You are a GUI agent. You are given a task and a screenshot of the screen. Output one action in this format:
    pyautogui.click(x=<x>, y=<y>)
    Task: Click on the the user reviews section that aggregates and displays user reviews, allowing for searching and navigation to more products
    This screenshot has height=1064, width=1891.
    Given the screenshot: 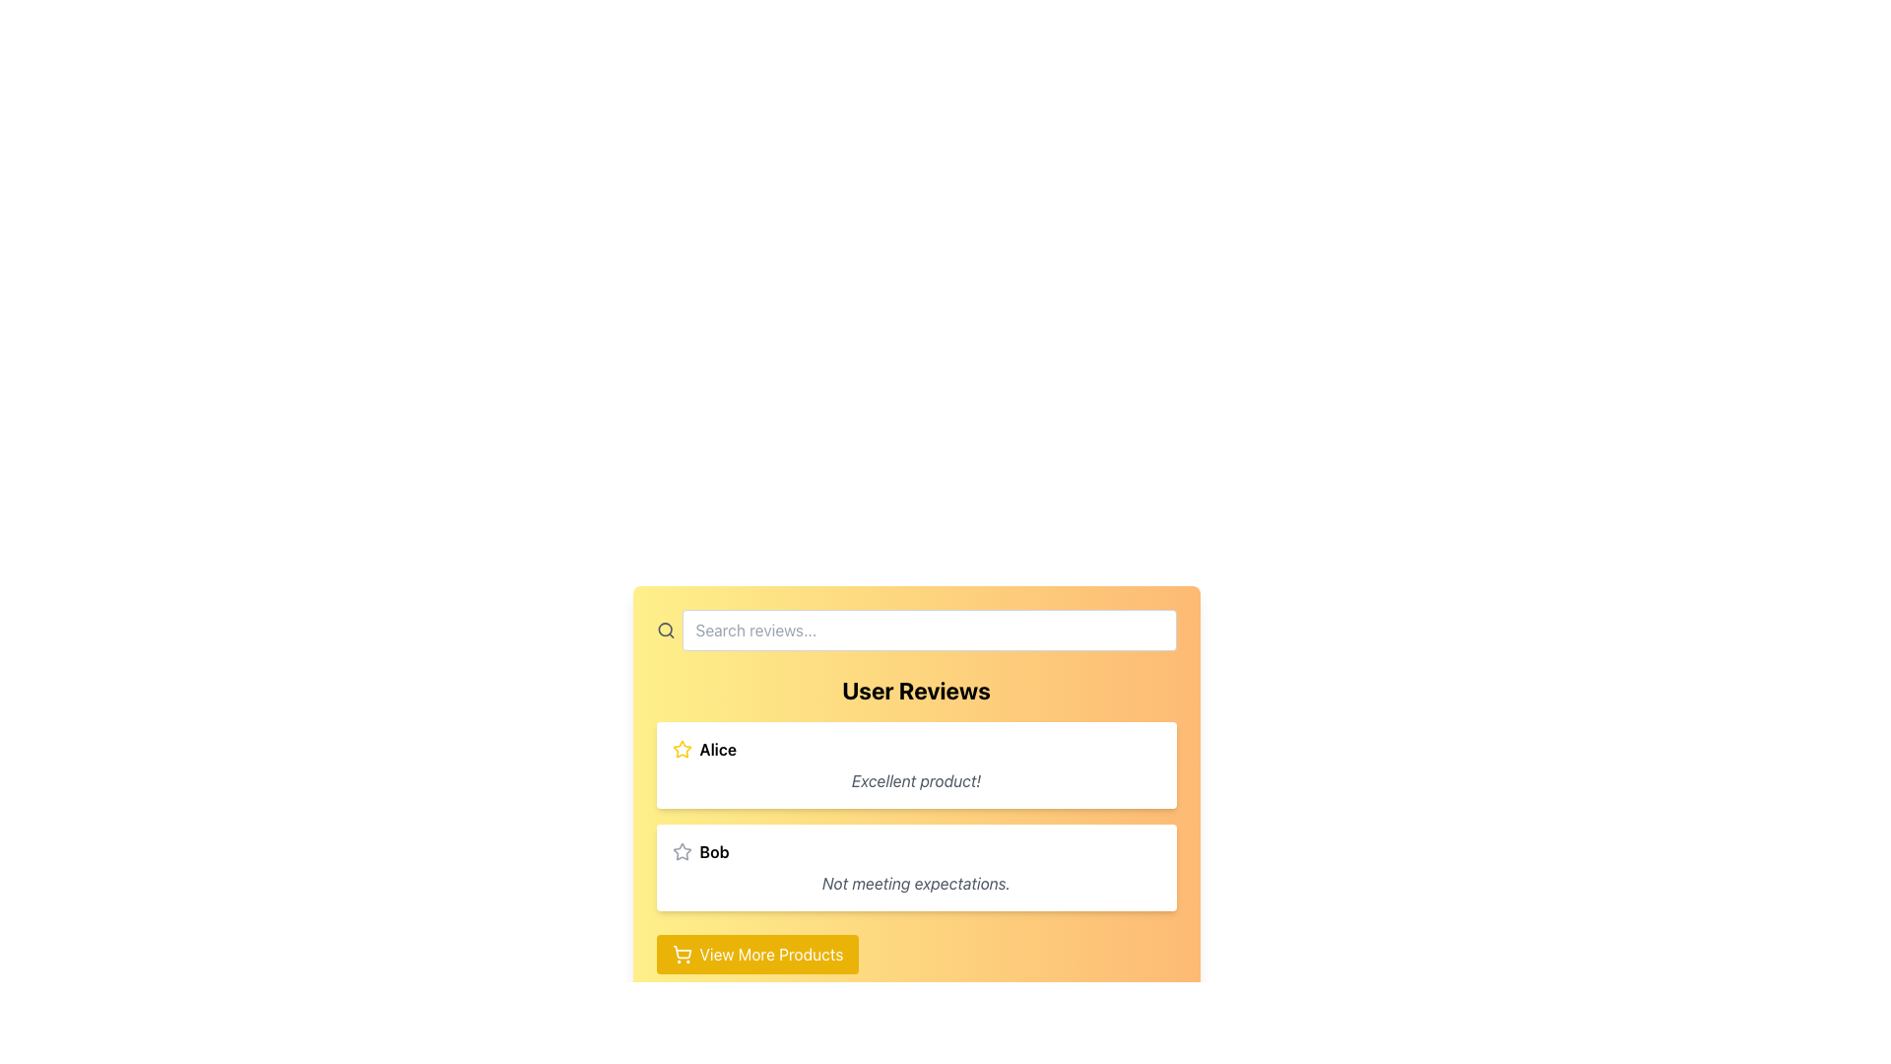 What is the action you would take?
    pyautogui.click(x=915, y=790)
    